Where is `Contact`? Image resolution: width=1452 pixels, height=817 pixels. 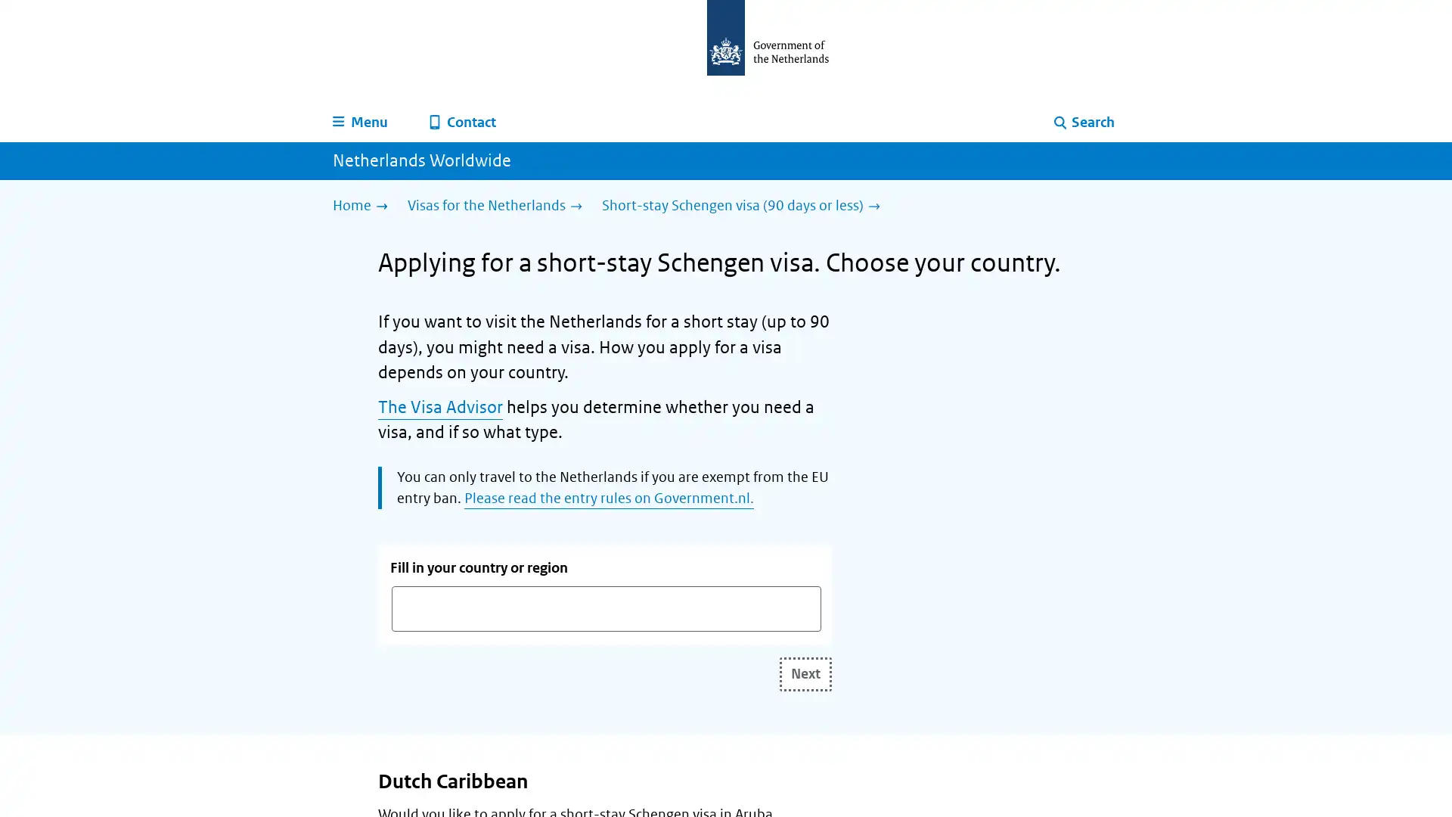 Contact is located at coordinates (462, 122).